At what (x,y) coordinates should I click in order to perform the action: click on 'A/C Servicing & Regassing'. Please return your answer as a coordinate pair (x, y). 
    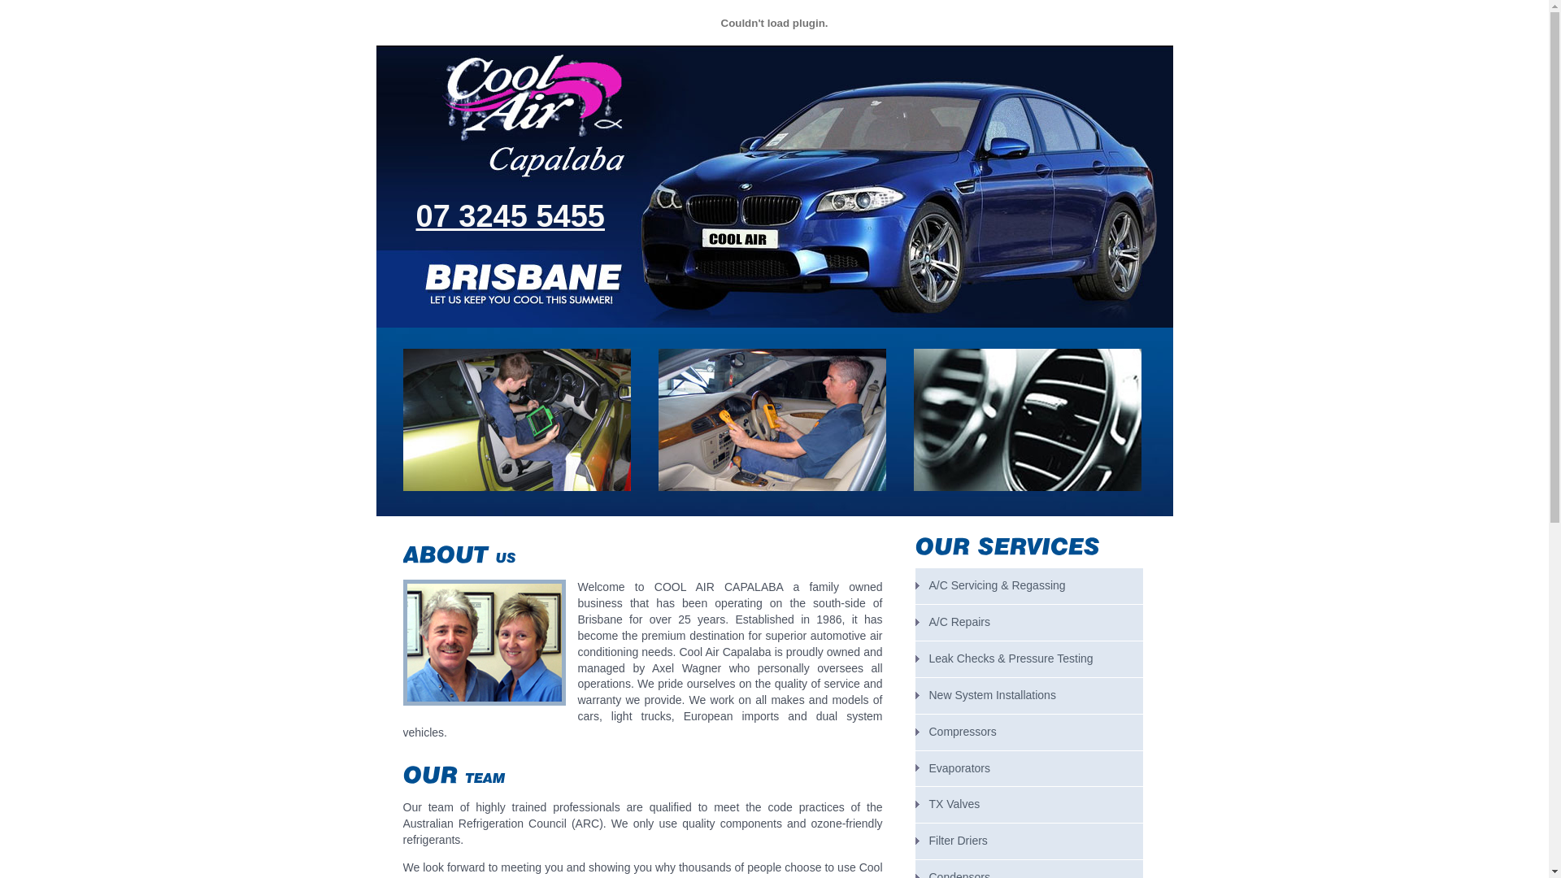
    Looking at the image, I should click on (1028, 586).